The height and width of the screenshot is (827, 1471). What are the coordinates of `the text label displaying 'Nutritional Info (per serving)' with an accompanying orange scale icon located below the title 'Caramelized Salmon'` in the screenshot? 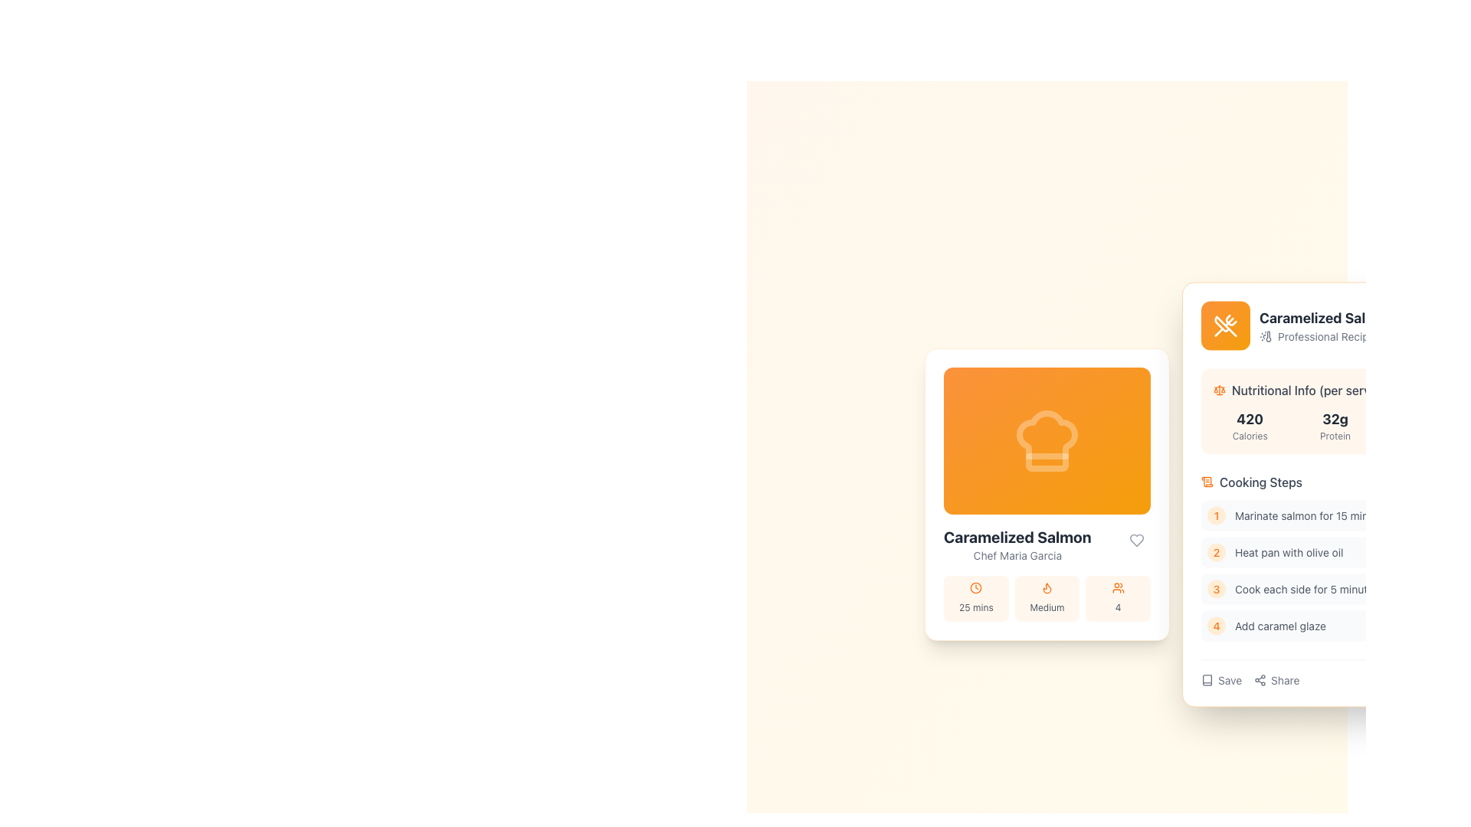 It's located at (1334, 389).